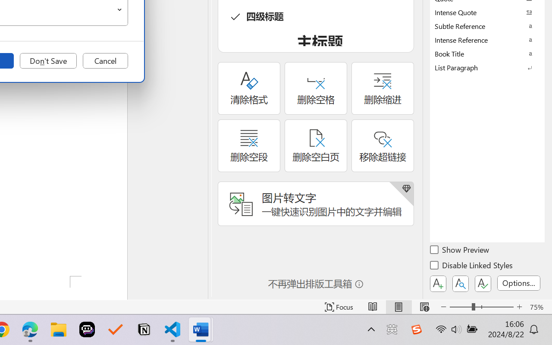  What do you see at coordinates (398, 307) in the screenshot?
I see `'Print Layout'` at bounding box center [398, 307].